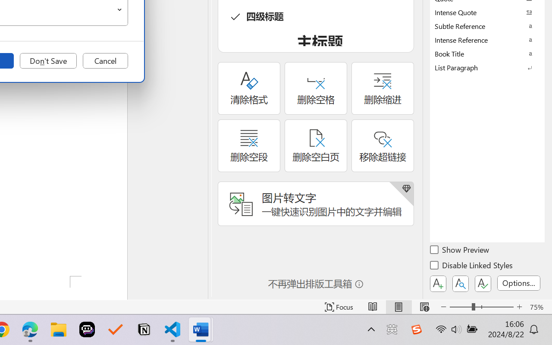  What do you see at coordinates (398, 307) in the screenshot?
I see `'Print Layout'` at bounding box center [398, 307].